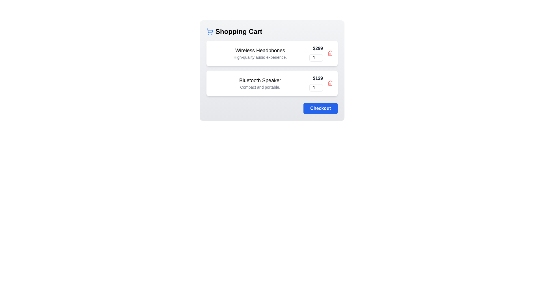 The image size is (543, 305). I want to click on the quantity of the item to 64 by interacting with the input field, so click(316, 58).